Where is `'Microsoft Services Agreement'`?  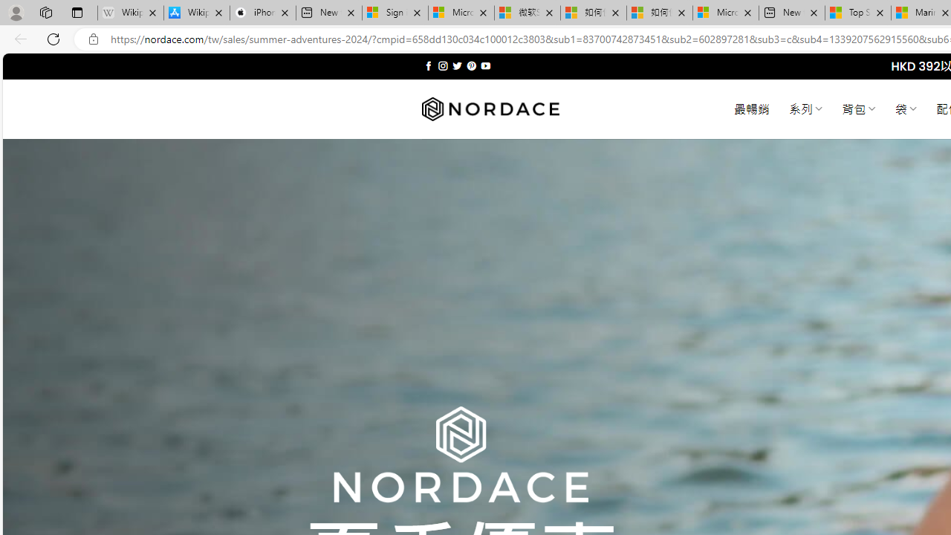 'Microsoft Services Agreement' is located at coordinates (461, 13).